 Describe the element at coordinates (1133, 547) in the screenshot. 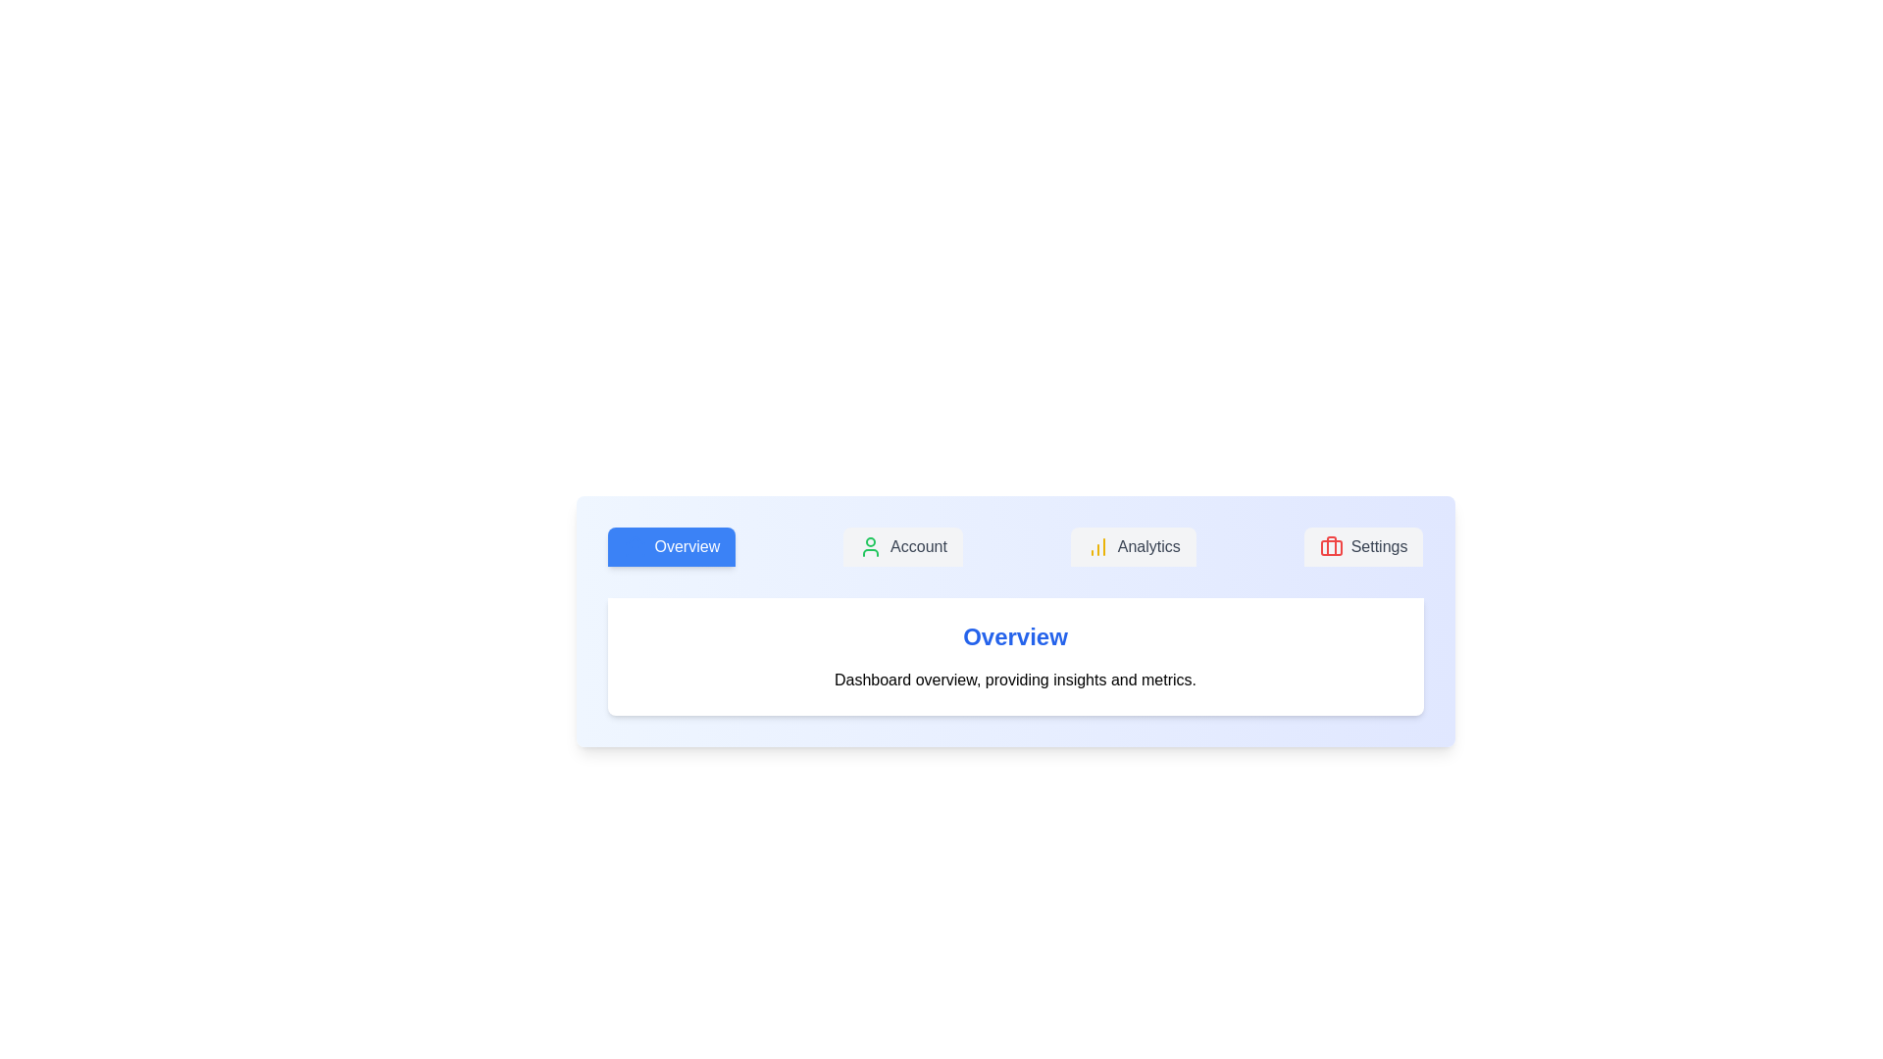

I see `the tab labeled Analytics` at that location.